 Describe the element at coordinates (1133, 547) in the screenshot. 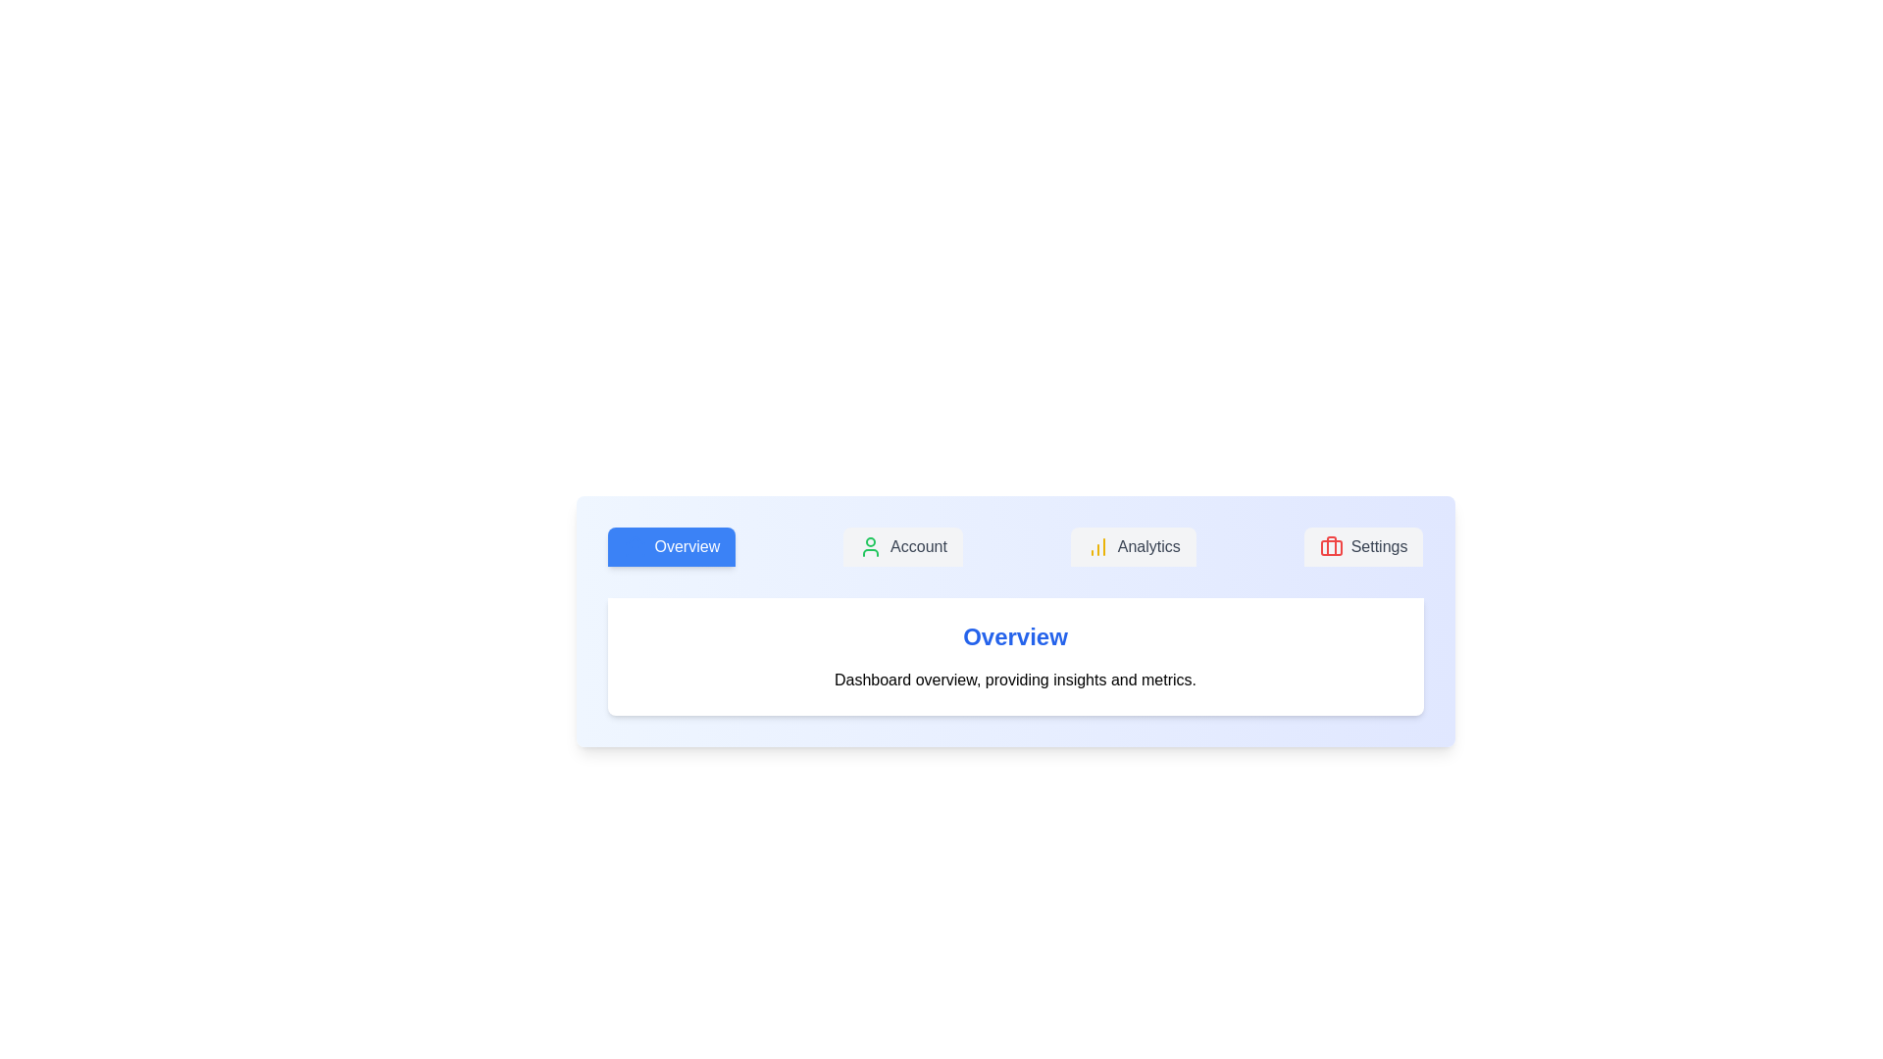

I see `the tab labeled Analytics` at that location.